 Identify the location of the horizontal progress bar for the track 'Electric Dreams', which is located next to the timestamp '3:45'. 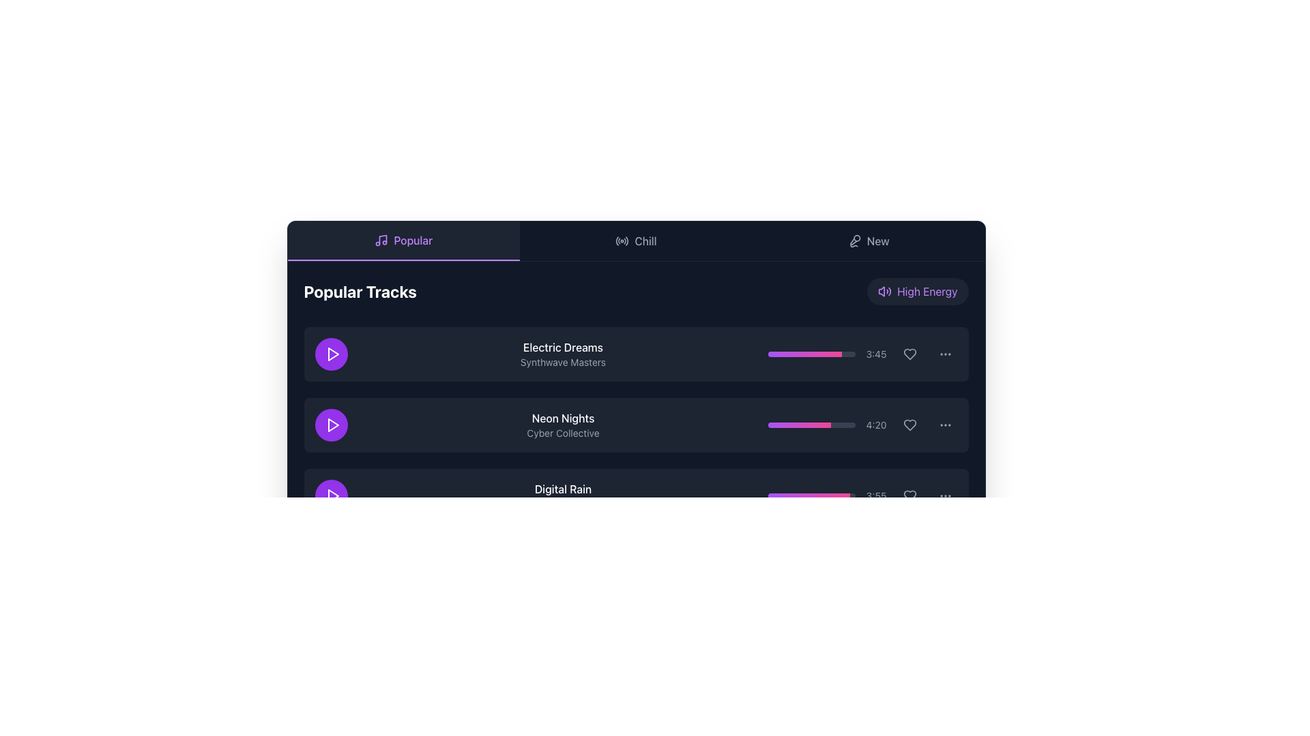
(811, 354).